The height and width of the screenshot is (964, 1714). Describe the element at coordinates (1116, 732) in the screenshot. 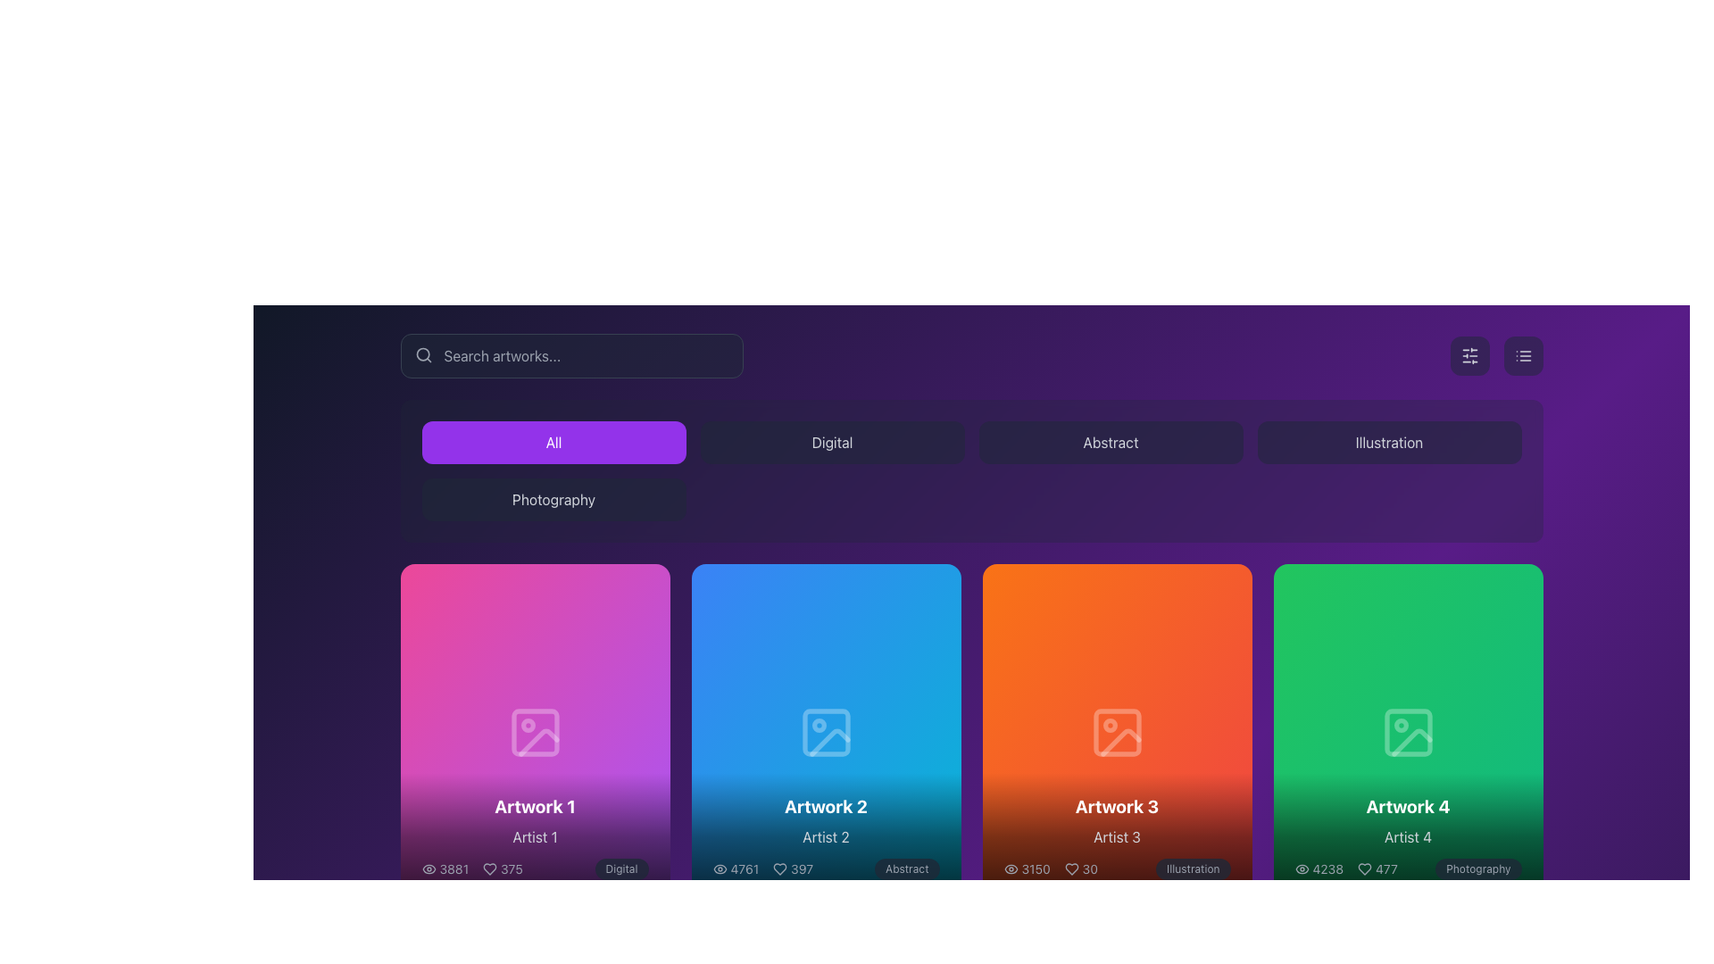

I see `the download icon button, which is a compact icon resembling a downward-pointing arrow, to initiate a download` at that location.